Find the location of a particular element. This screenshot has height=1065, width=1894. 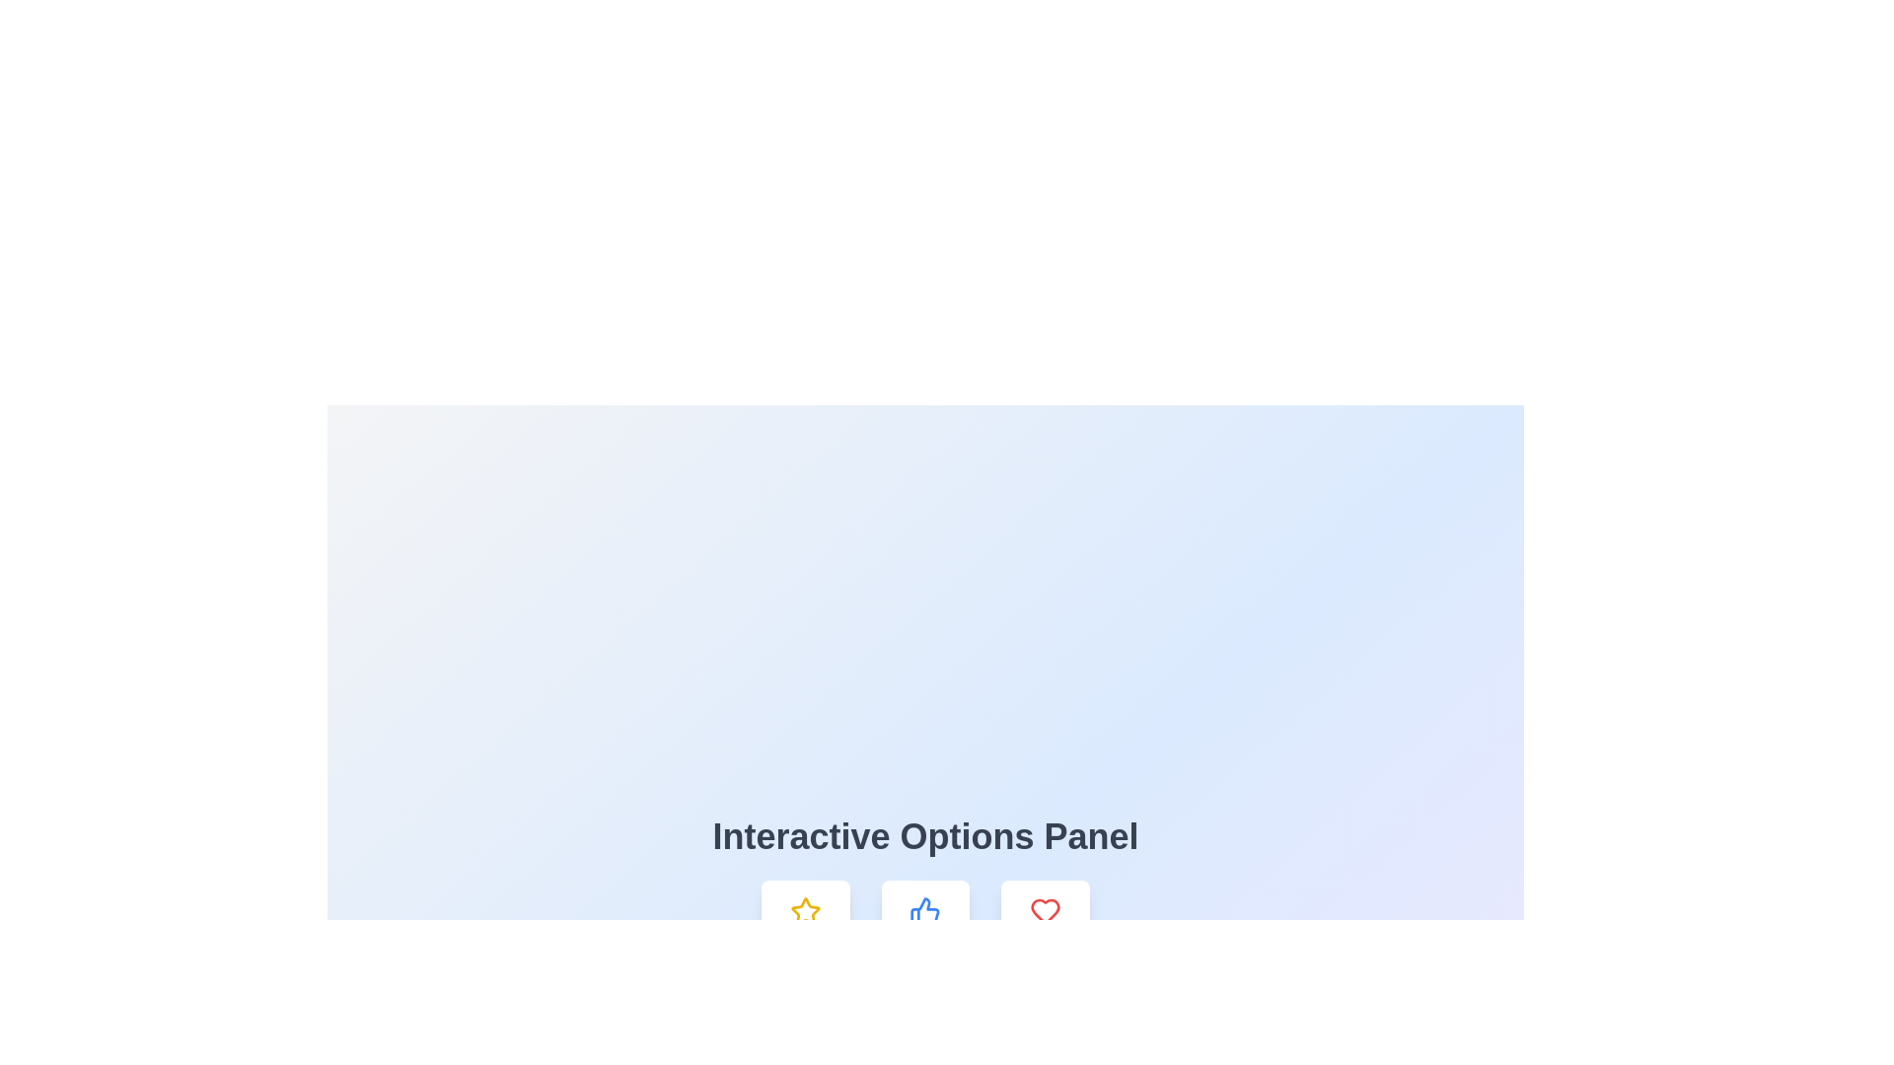

the star icon-based button, which is the leftmost option in a row of three icons in the interactive options bar beneath the 'Interactive Options Panel' label is located at coordinates (805, 911).